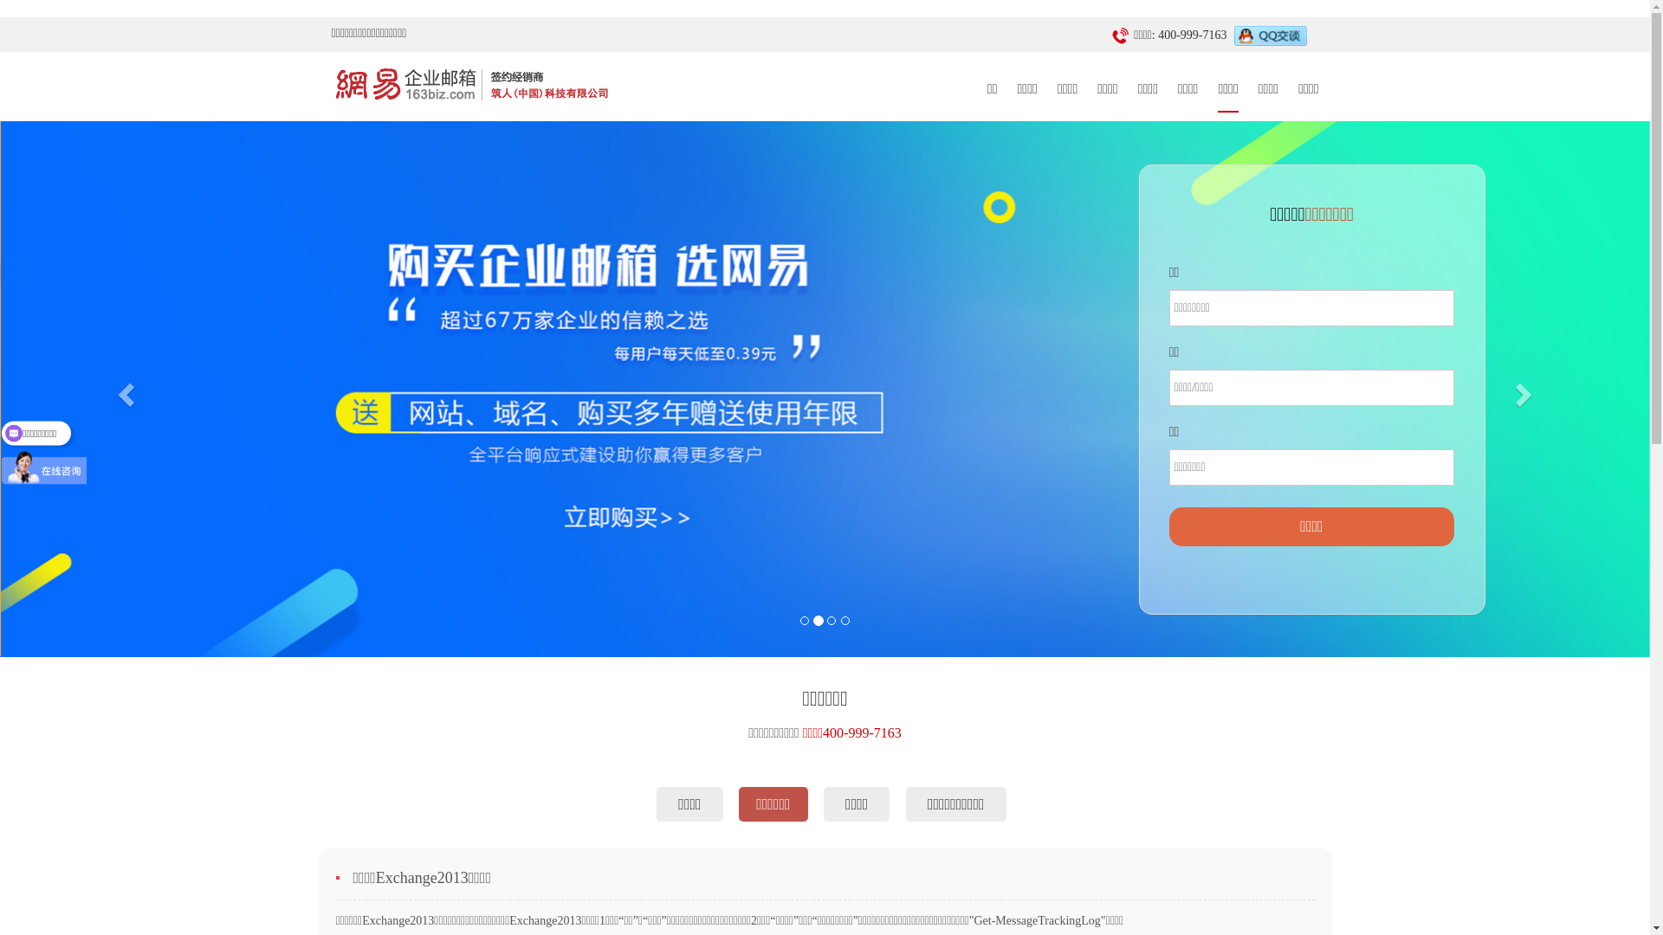 The image size is (1663, 935). I want to click on 'Next', so click(1525, 388).